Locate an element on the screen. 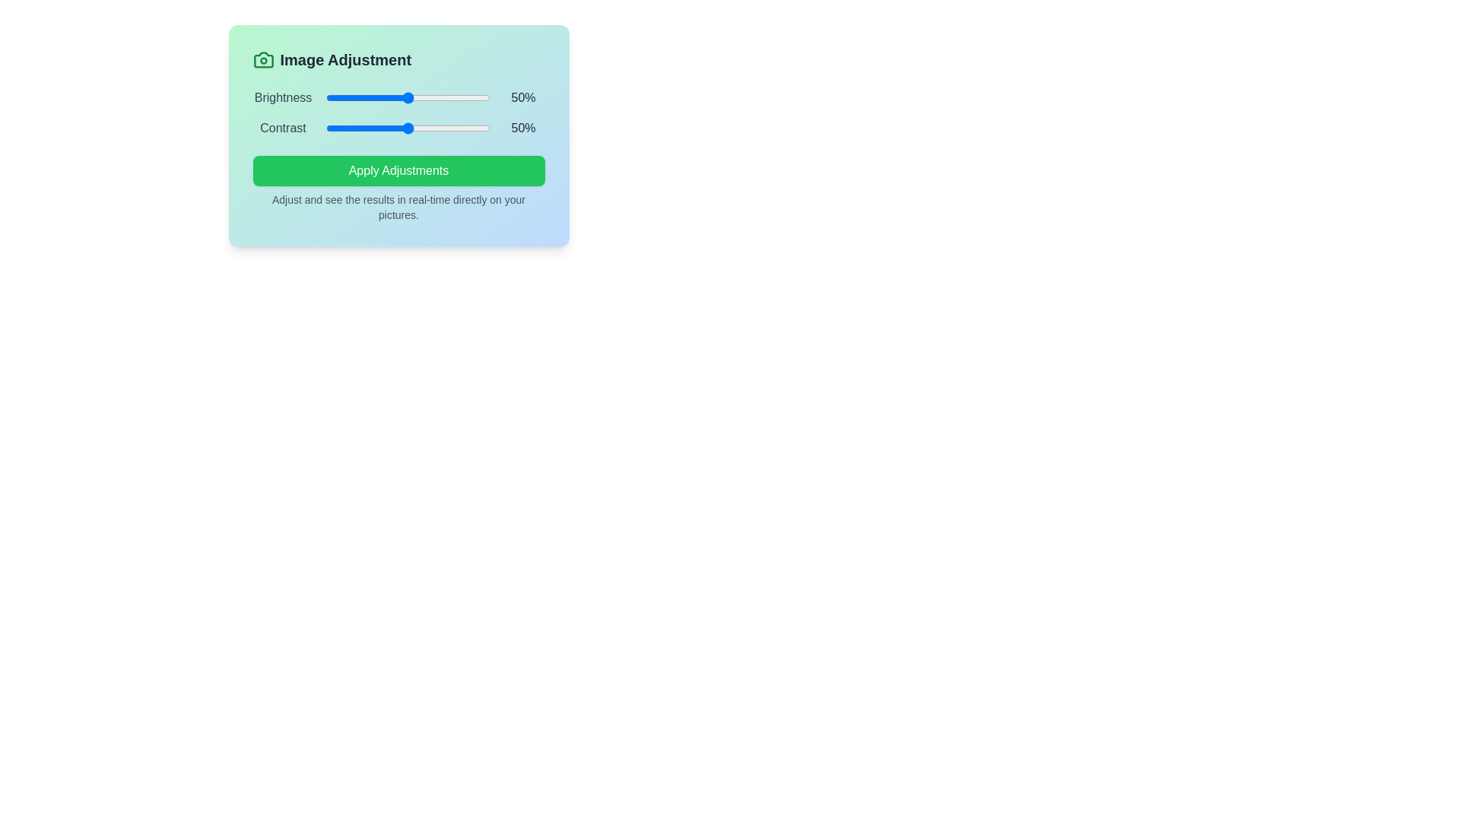 The height and width of the screenshot is (821, 1460). the contrast slider to 55% is located at coordinates (416, 128).